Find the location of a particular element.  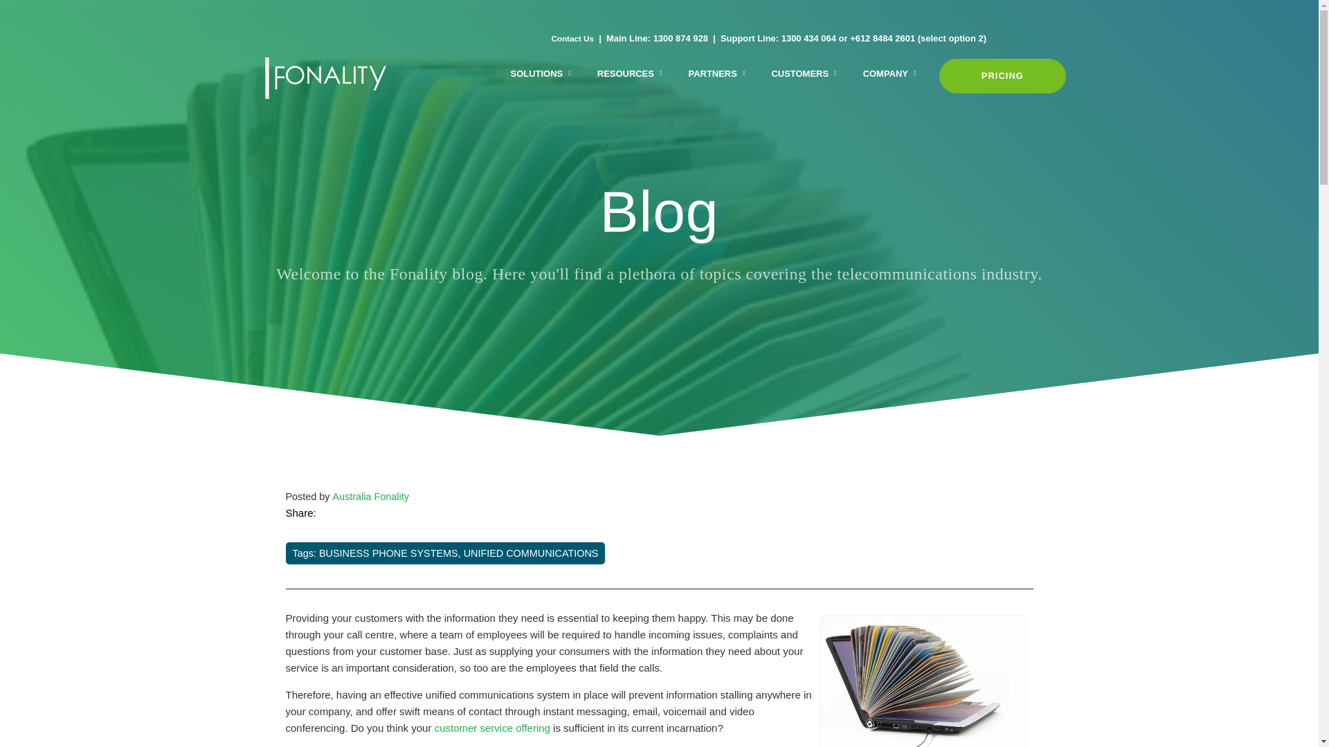

'1300 434 064' is located at coordinates (781, 37).